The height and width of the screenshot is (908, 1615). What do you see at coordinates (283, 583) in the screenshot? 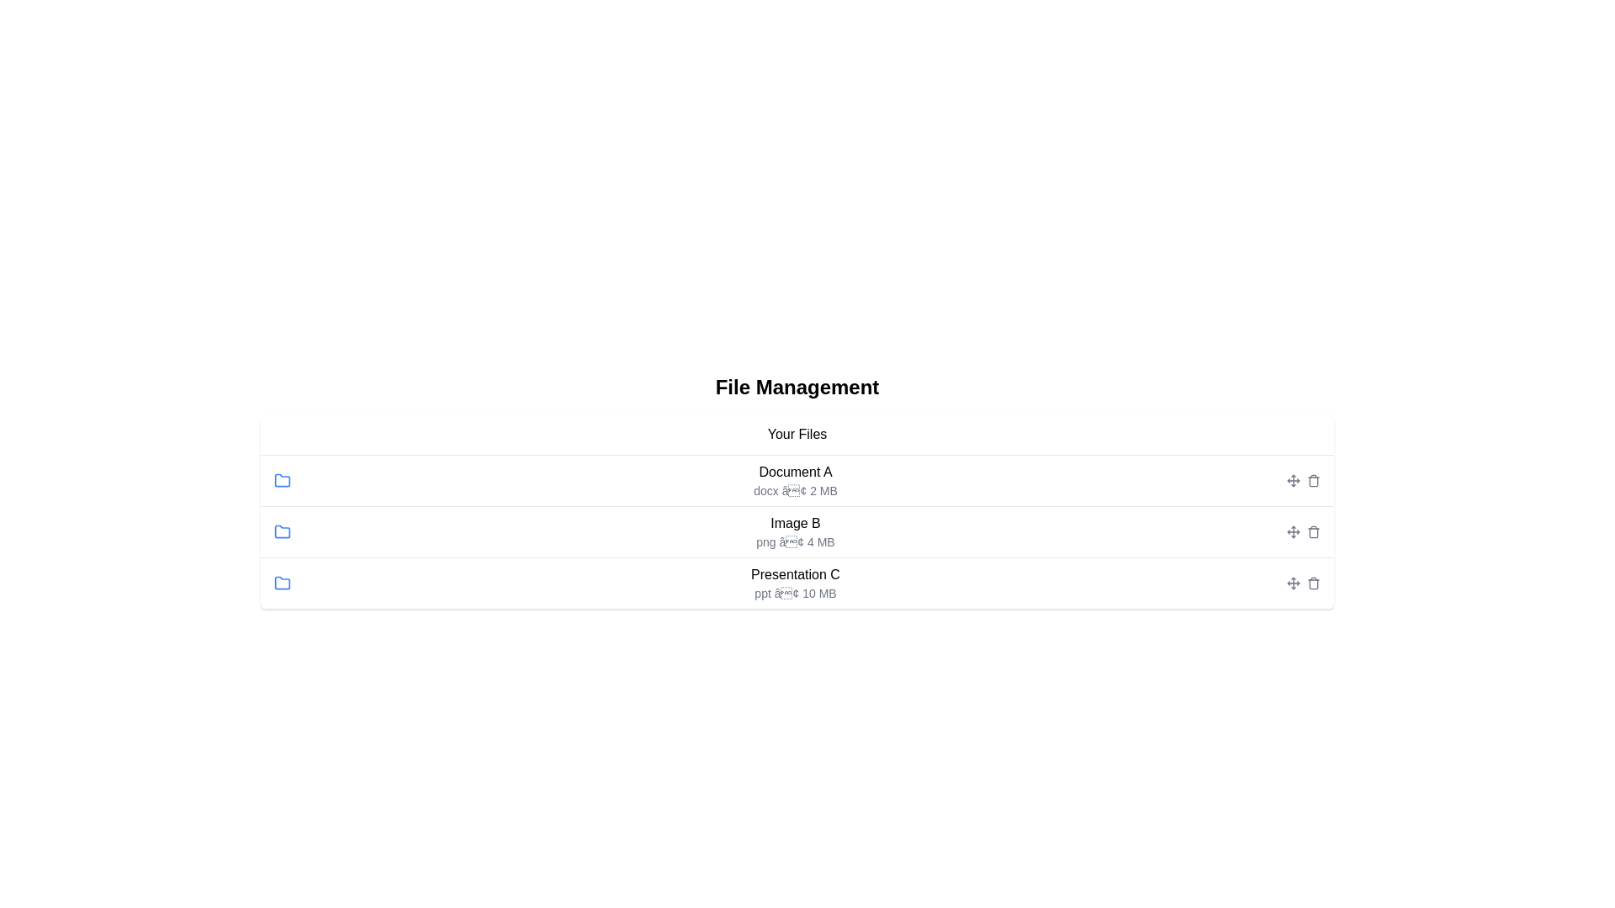
I see `the blue folder icon located to the left of 'Presentation Cppt • 10 MB' in the third row of the file list to trigger the tooltip or hover effect` at bounding box center [283, 583].